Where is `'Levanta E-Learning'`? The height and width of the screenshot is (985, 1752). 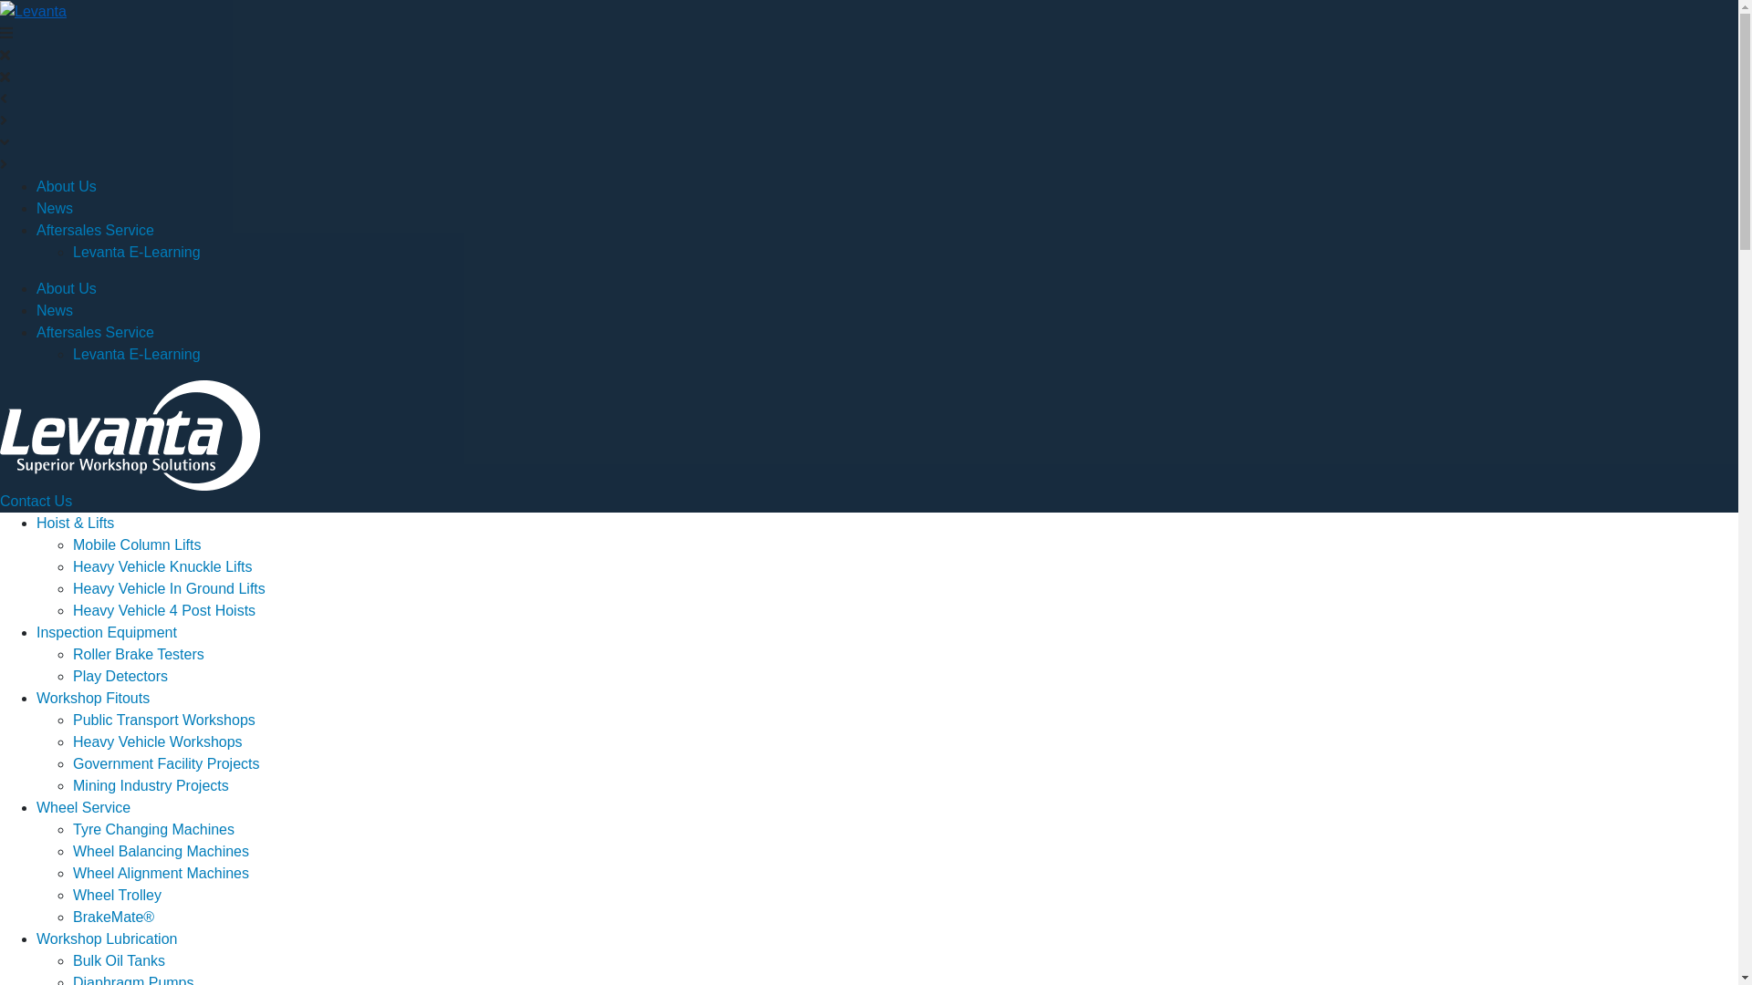 'Levanta E-Learning' is located at coordinates (135, 252).